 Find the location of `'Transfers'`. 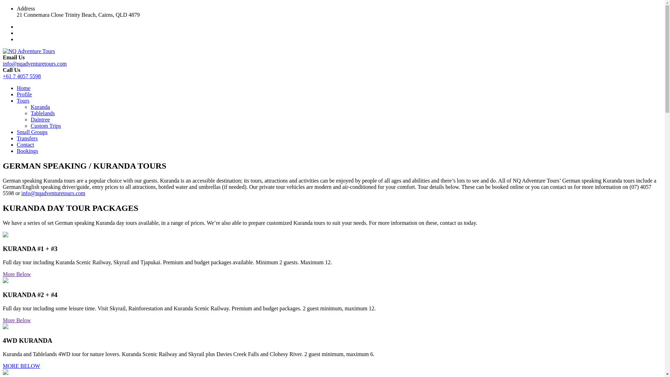

'Transfers' is located at coordinates (27, 138).